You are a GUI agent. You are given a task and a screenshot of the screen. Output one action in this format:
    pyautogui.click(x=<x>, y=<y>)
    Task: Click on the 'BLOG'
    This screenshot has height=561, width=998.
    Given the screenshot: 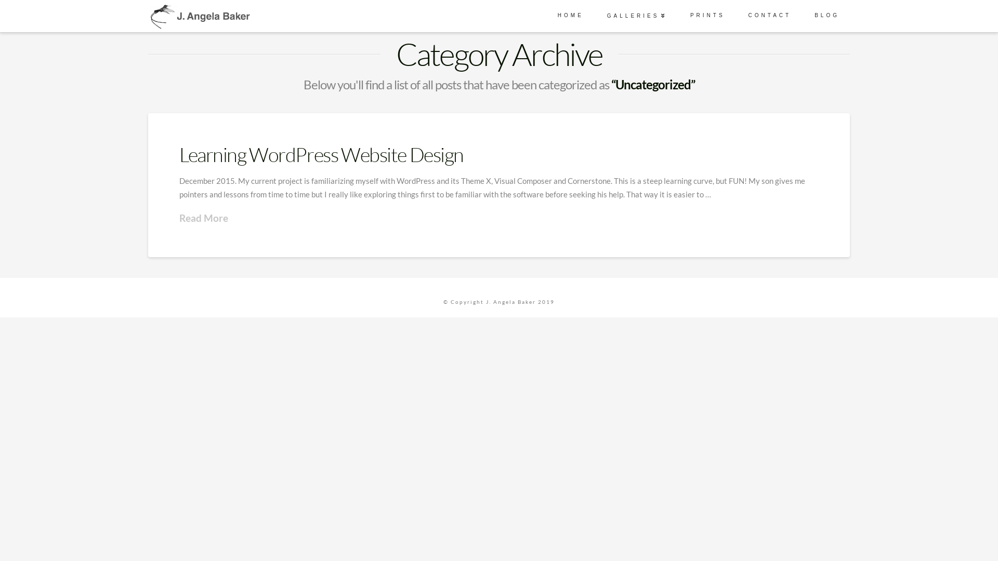 What is the action you would take?
    pyautogui.click(x=825, y=10)
    